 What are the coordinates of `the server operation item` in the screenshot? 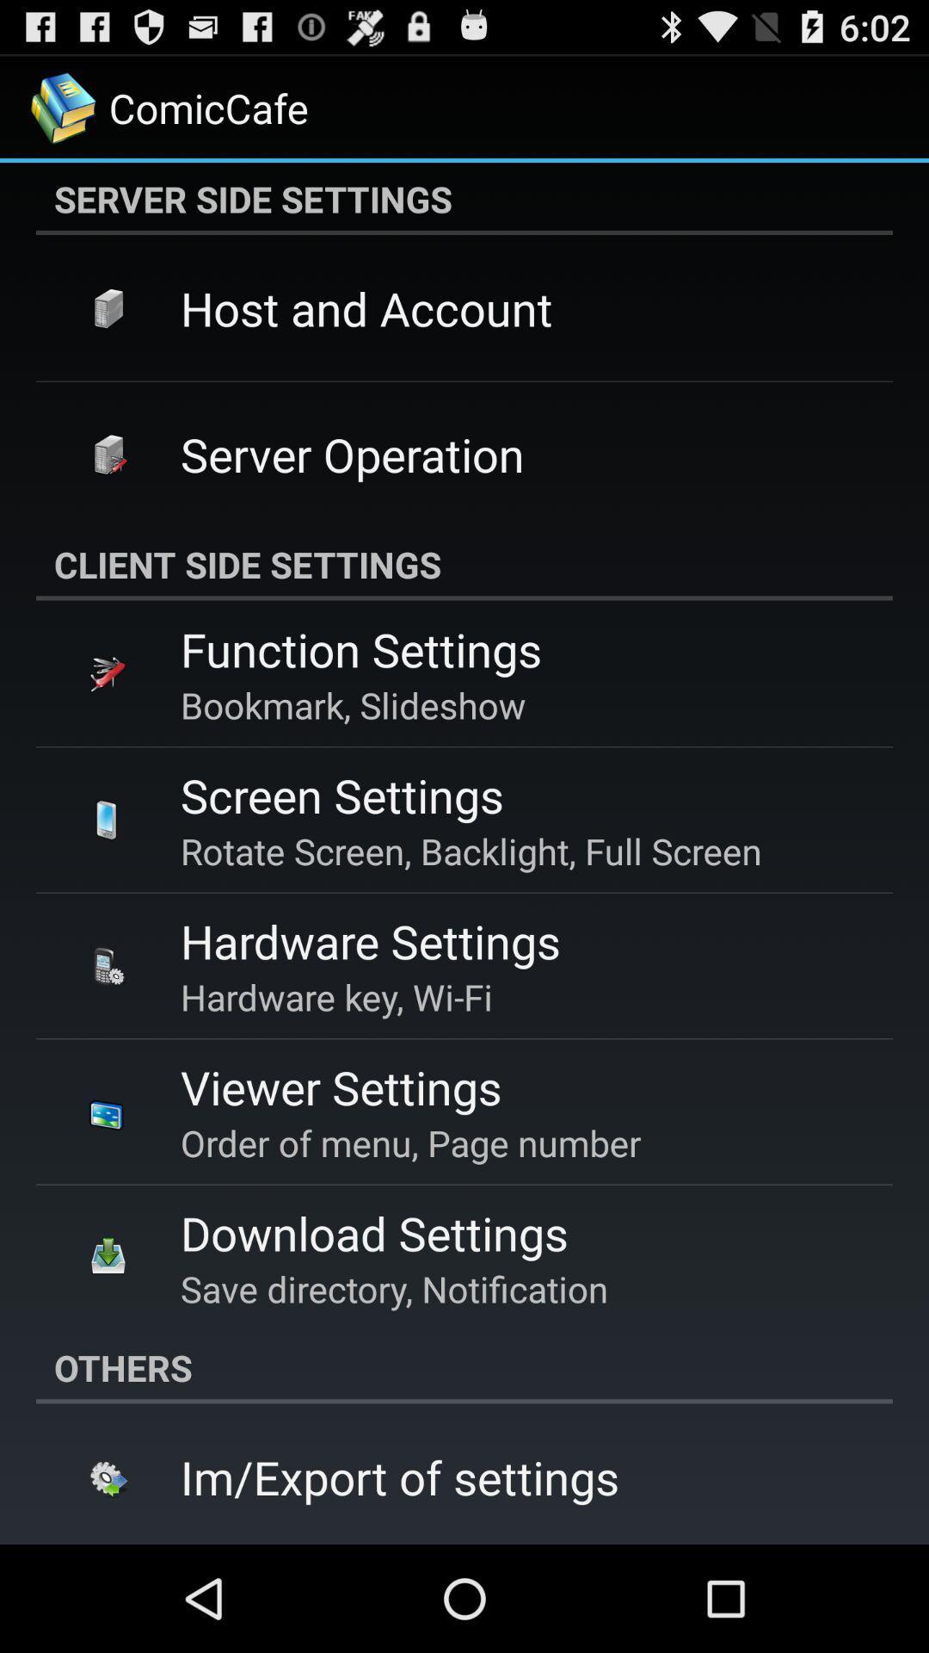 It's located at (351, 454).